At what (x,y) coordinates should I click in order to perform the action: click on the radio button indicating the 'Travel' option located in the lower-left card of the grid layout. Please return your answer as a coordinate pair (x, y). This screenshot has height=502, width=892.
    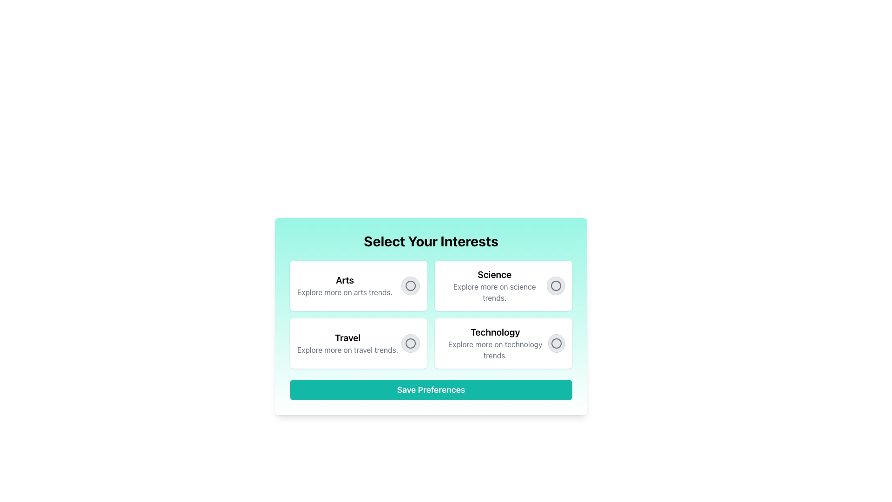
    Looking at the image, I should click on (410, 343).